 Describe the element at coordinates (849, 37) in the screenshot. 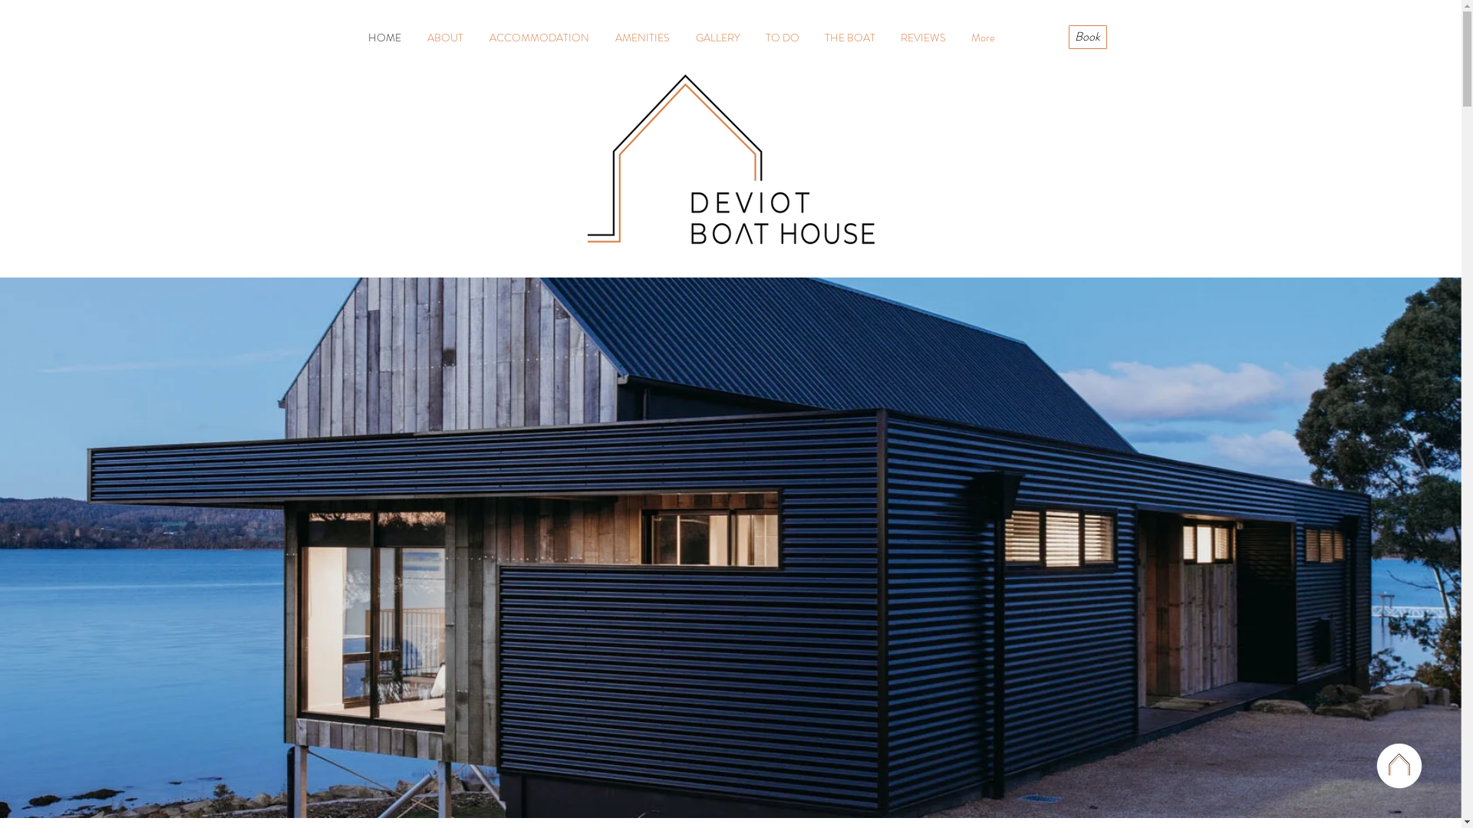

I see `'THE BOAT'` at that location.